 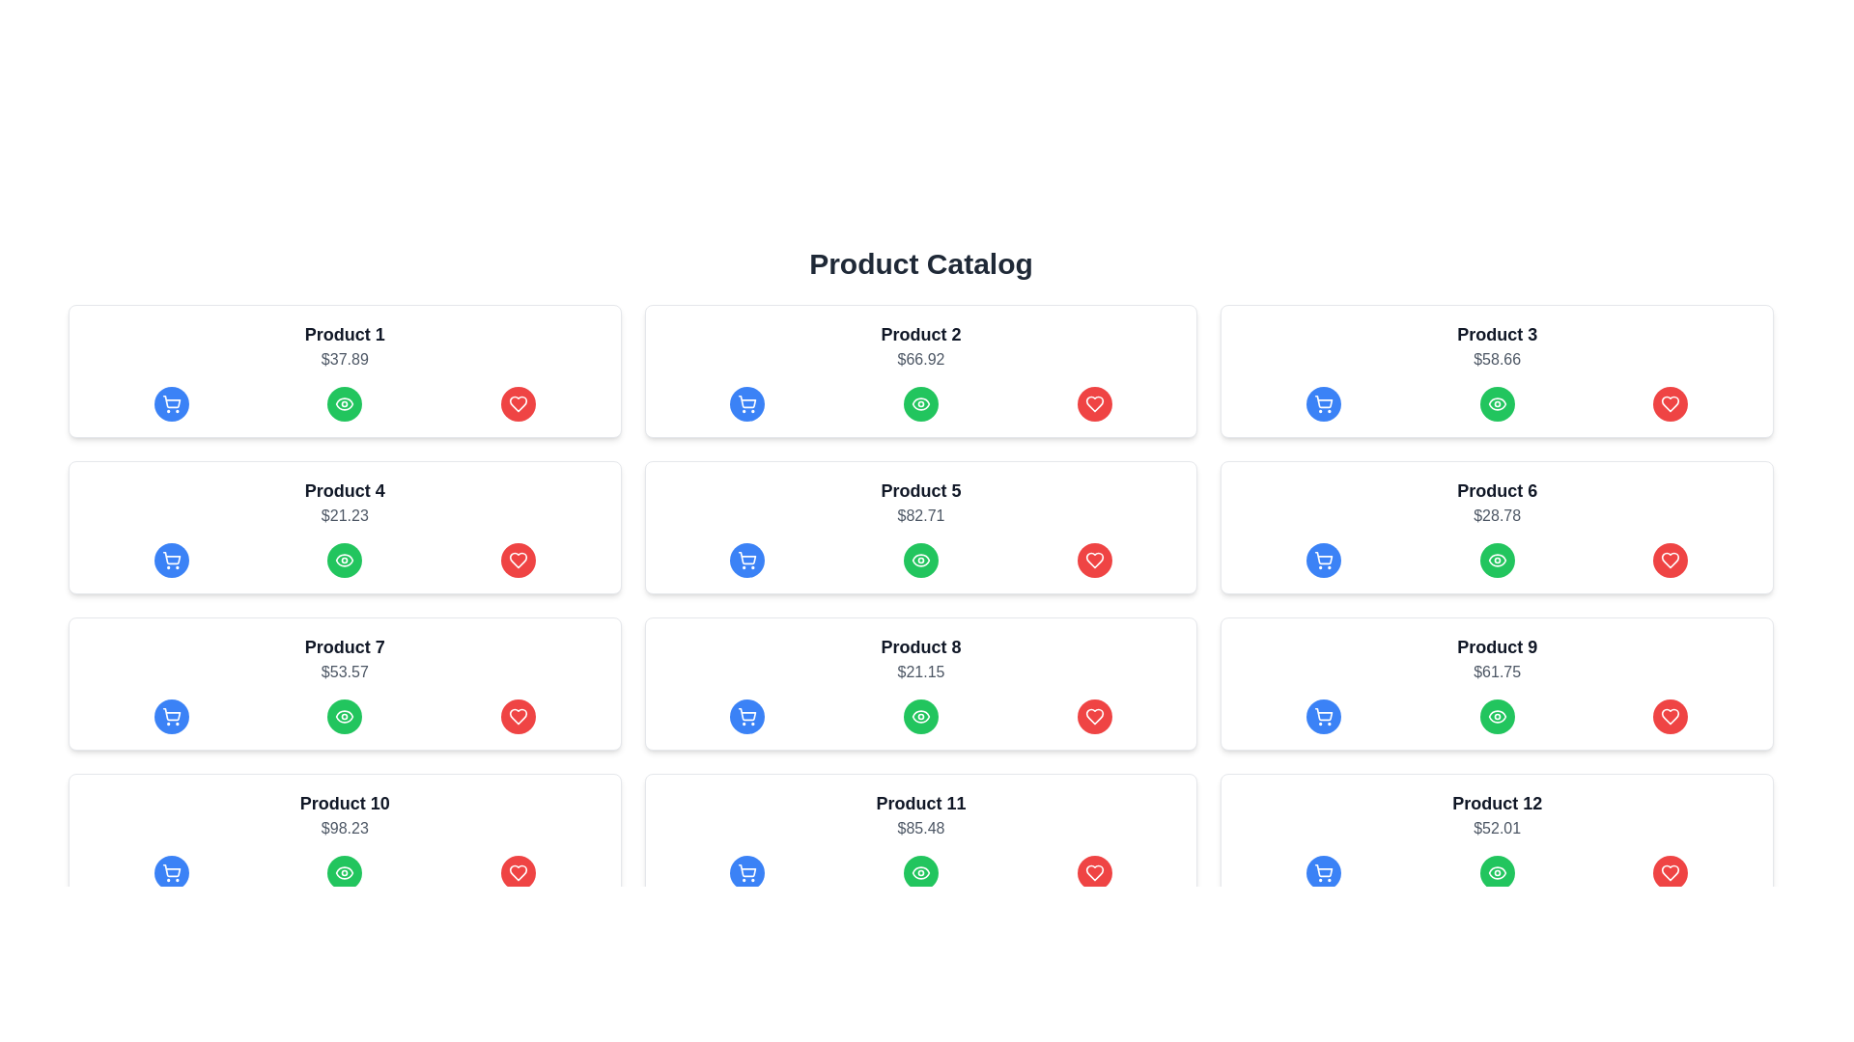 What do you see at coordinates (1094, 561) in the screenshot?
I see `the heart-shaped icon filled in solid red, which represents a 'favorite' or 'like' button located in the second row and second column of the grid layout, beside the card titled 'Product 5'` at bounding box center [1094, 561].